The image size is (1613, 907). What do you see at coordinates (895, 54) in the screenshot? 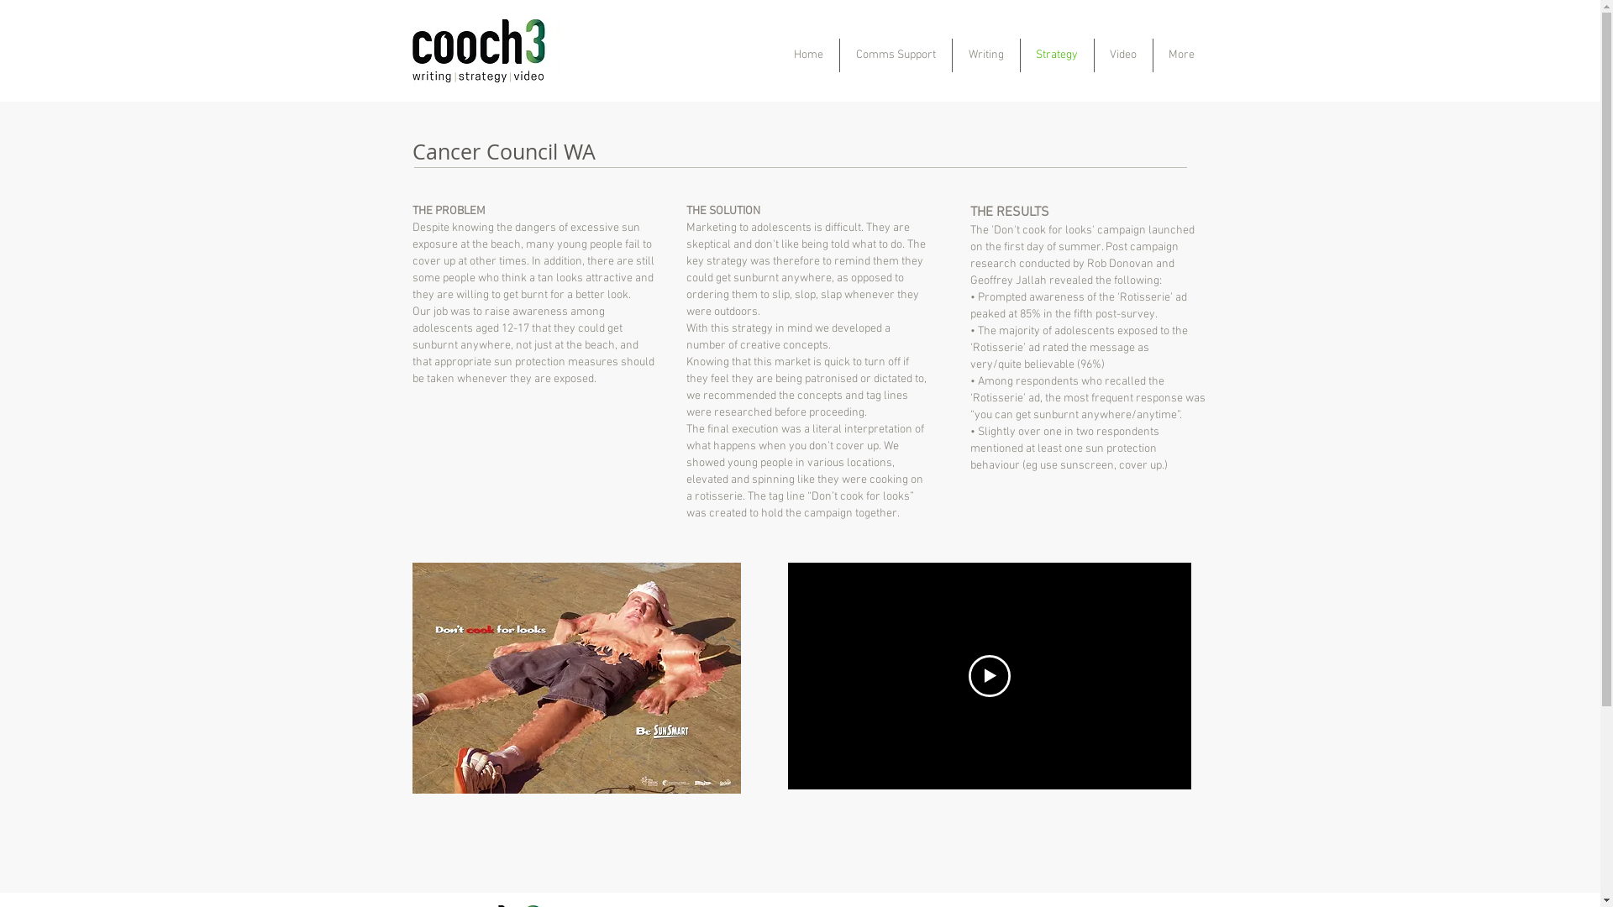
I see `'Comms Support'` at bounding box center [895, 54].